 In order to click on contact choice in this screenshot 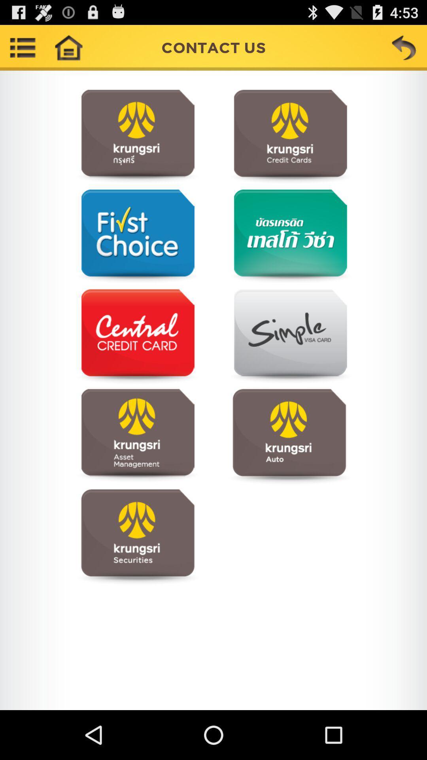, I will do `click(137, 536)`.